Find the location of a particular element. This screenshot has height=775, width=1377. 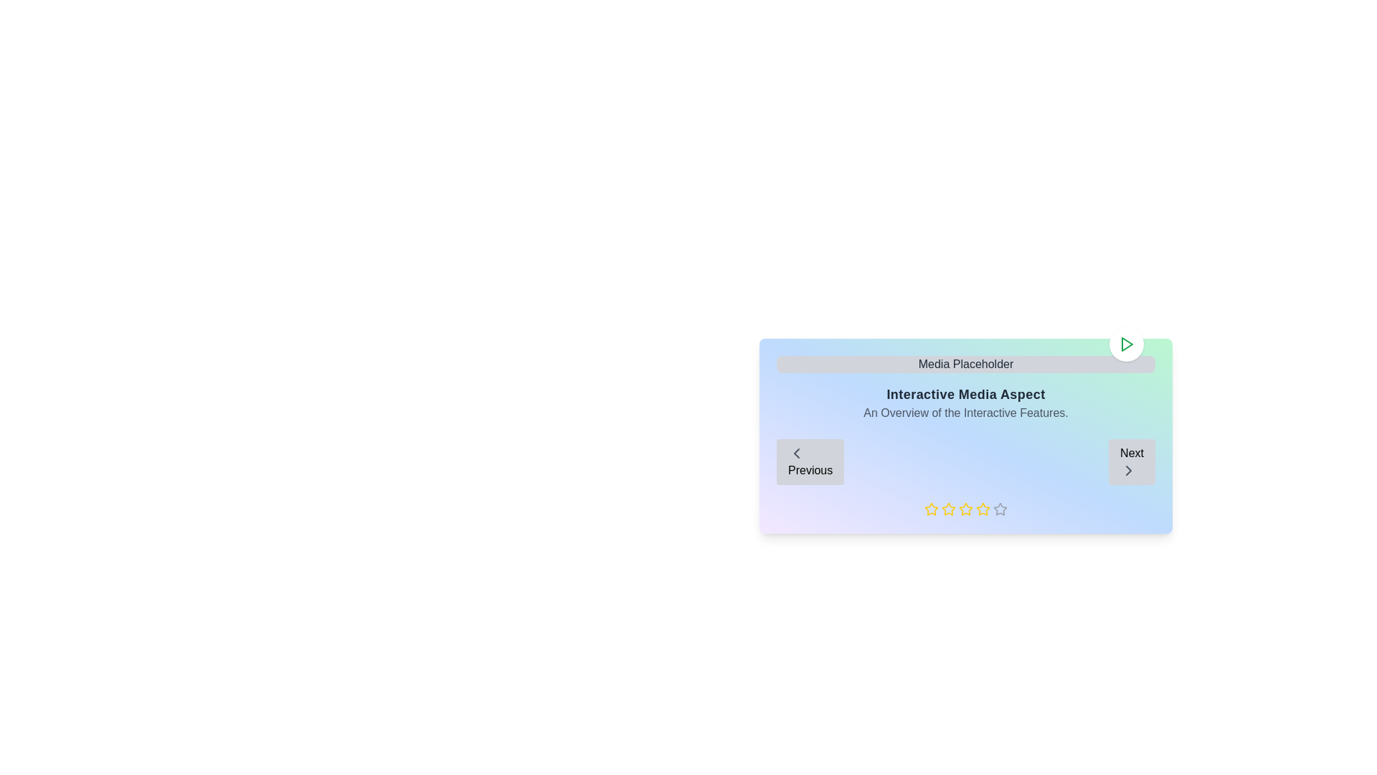

the fourth star in the rating system is located at coordinates (983, 508).